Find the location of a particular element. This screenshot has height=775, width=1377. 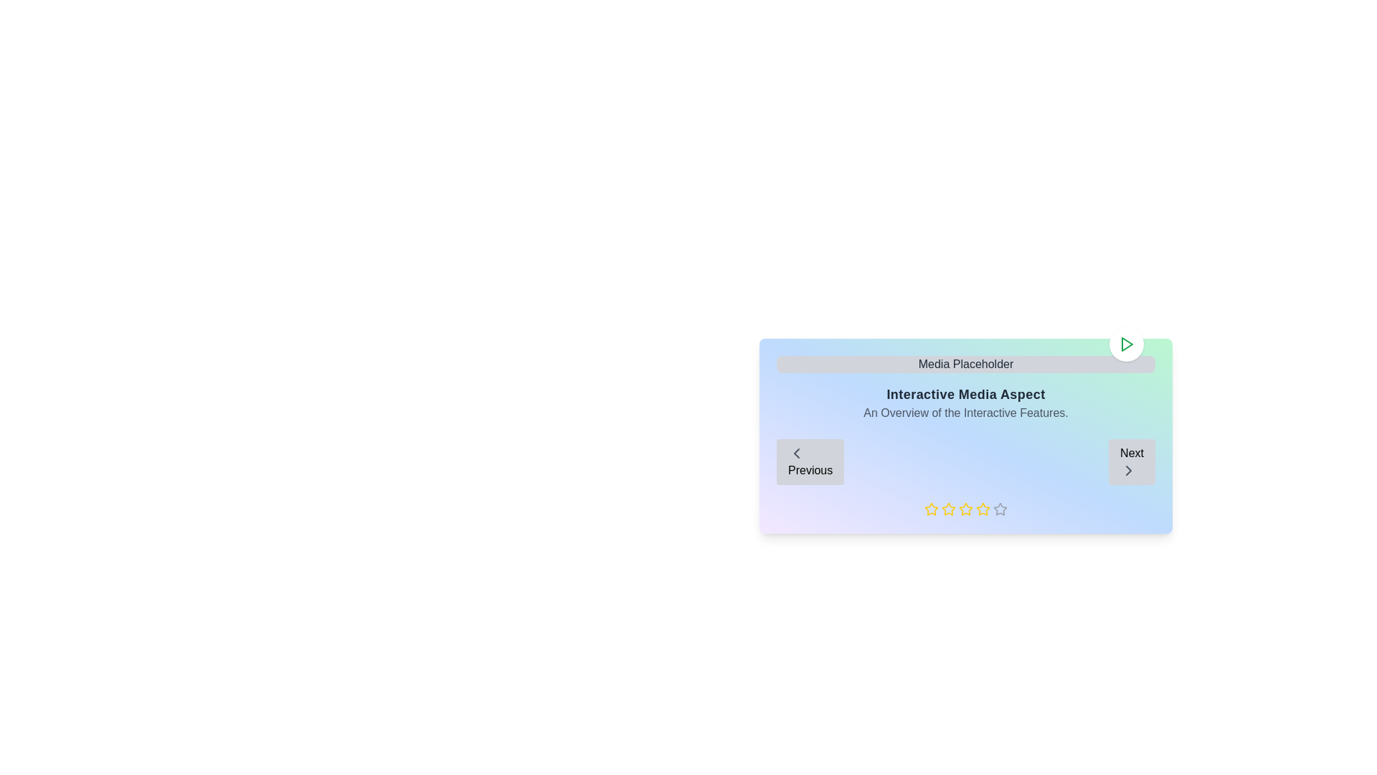

the fourth star in the rating system is located at coordinates (983, 508).